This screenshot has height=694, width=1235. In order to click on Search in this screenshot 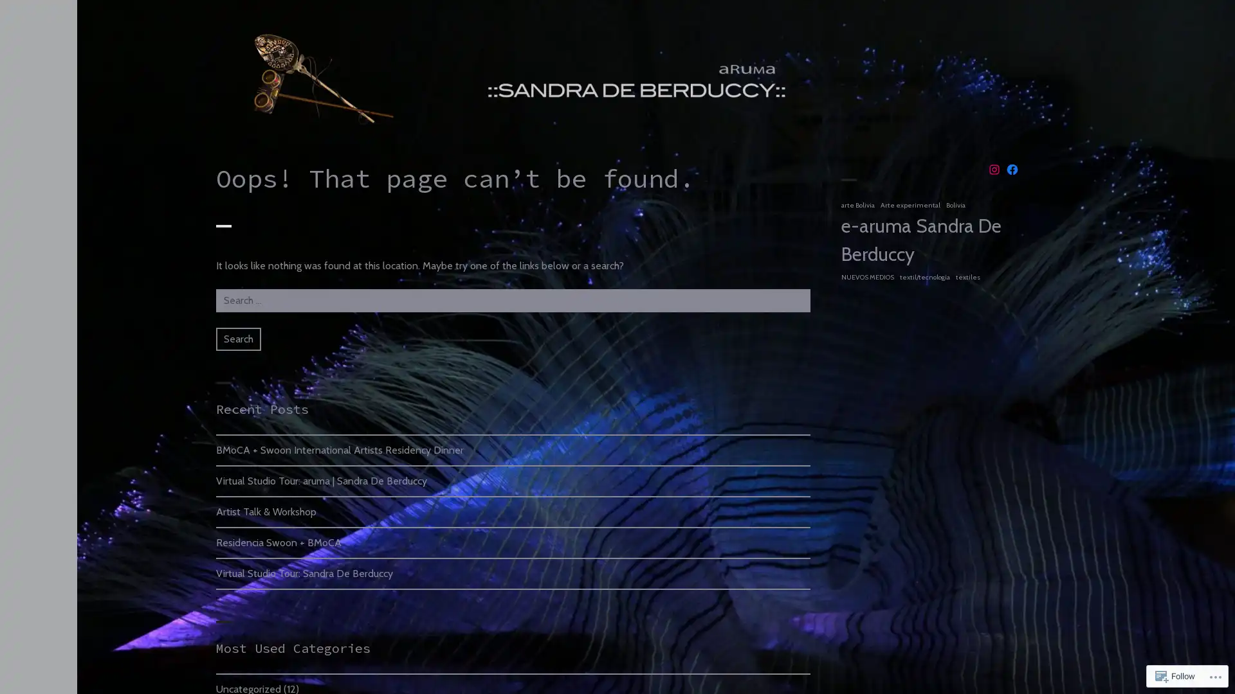, I will do `click(238, 339)`.